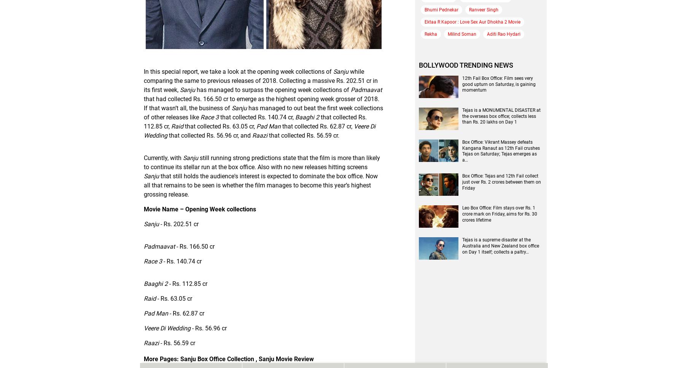  What do you see at coordinates (208, 328) in the screenshot?
I see `'- Rs. 56.96 cr'` at bounding box center [208, 328].